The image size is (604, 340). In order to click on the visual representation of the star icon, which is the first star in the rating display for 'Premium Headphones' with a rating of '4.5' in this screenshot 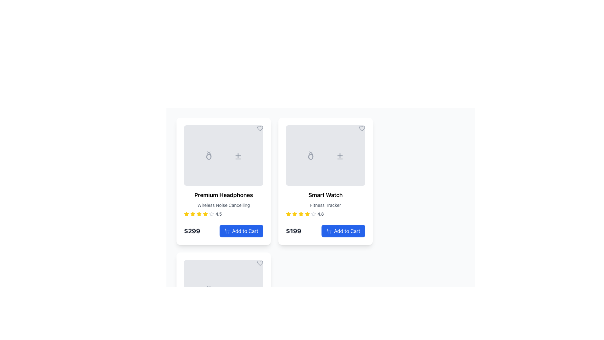, I will do `click(186, 213)`.